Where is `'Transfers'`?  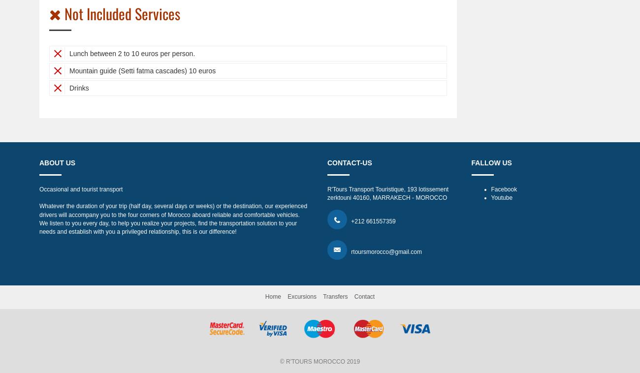 'Transfers' is located at coordinates (334, 296).